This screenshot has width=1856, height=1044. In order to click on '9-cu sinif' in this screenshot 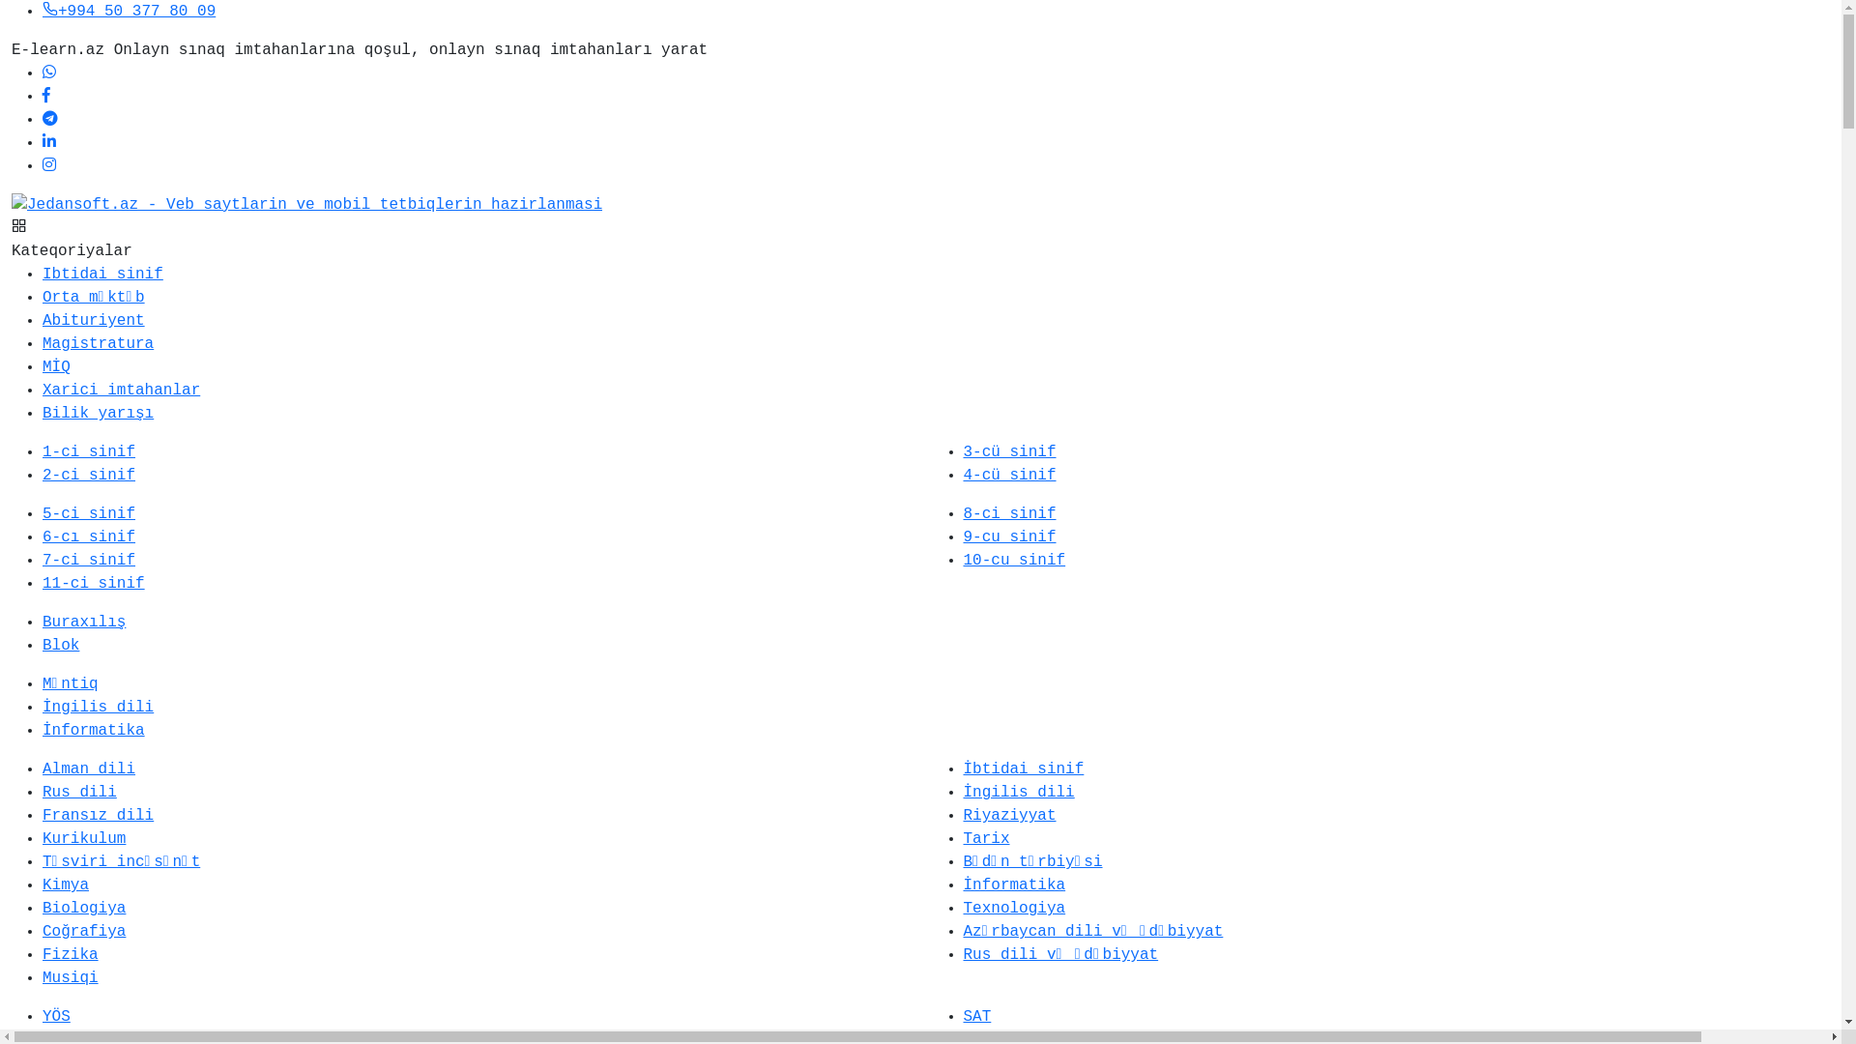, I will do `click(963, 536)`.